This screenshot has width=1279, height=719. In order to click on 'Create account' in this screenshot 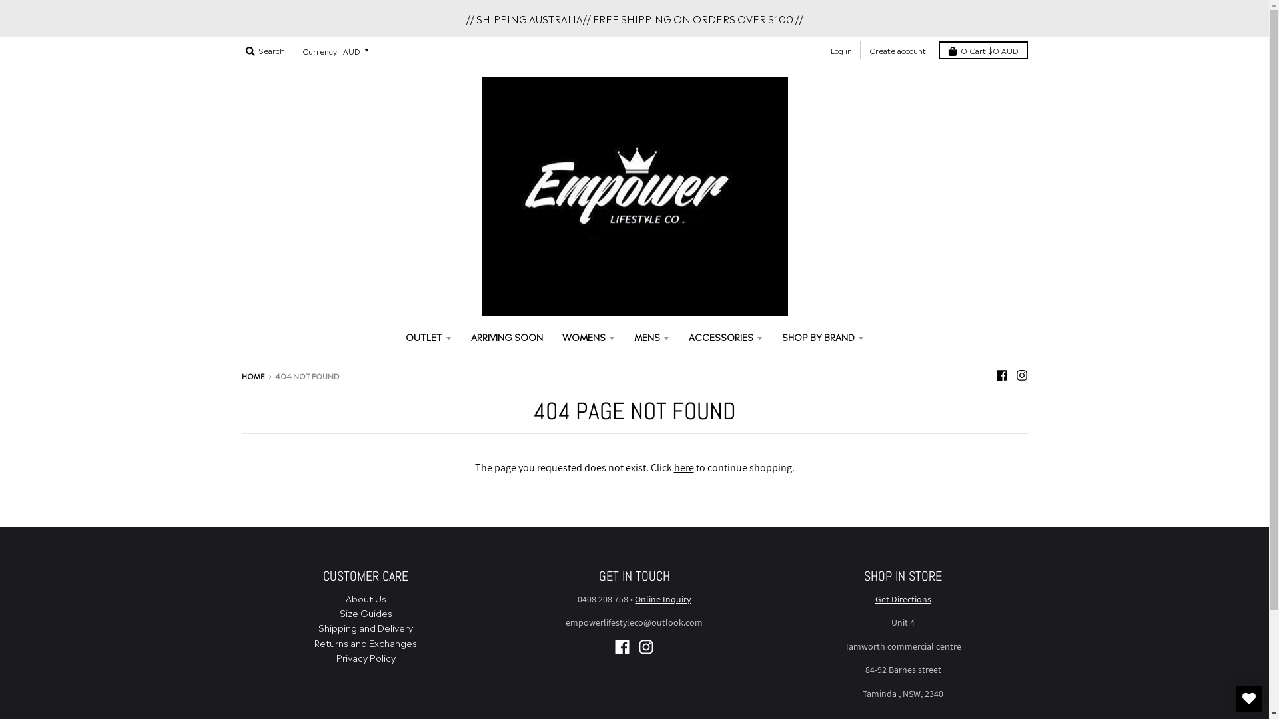, I will do `click(897, 49)`.